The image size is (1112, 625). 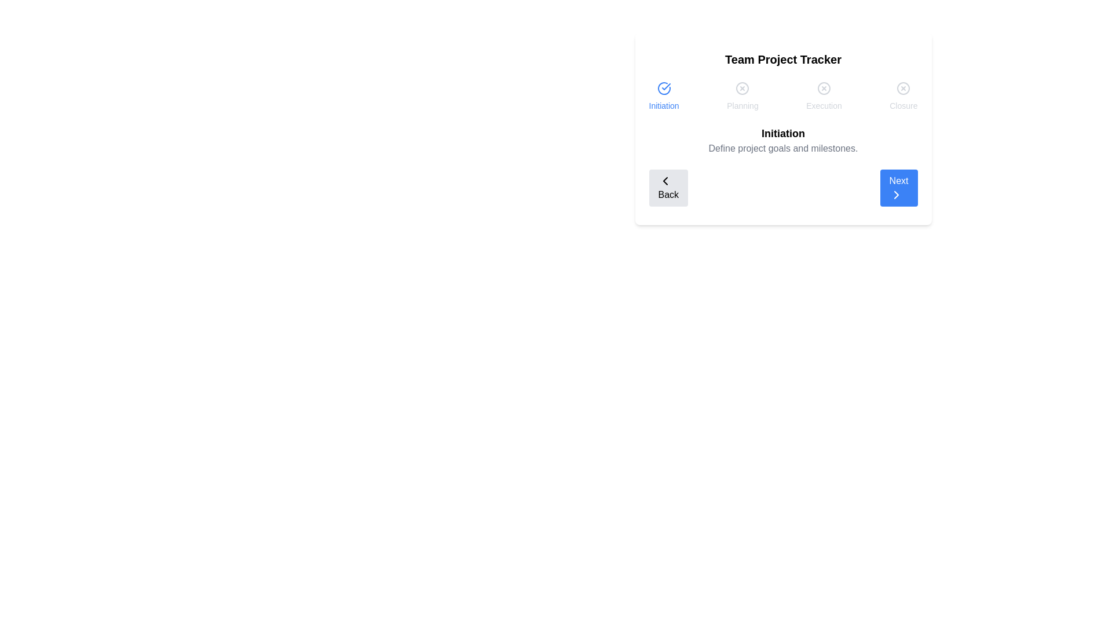 What do you see at coordinates (898, 187) in the screenshot?
I see `the 'Next' button to navigate to the next step` at bounding box center [898, 187].